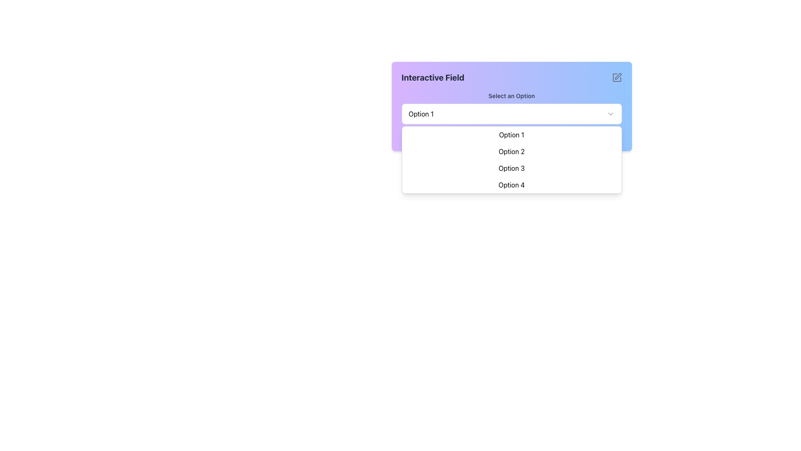  I want to click on the first choice in the dropdown menu labeled 'Option 1', so click(533, 136).